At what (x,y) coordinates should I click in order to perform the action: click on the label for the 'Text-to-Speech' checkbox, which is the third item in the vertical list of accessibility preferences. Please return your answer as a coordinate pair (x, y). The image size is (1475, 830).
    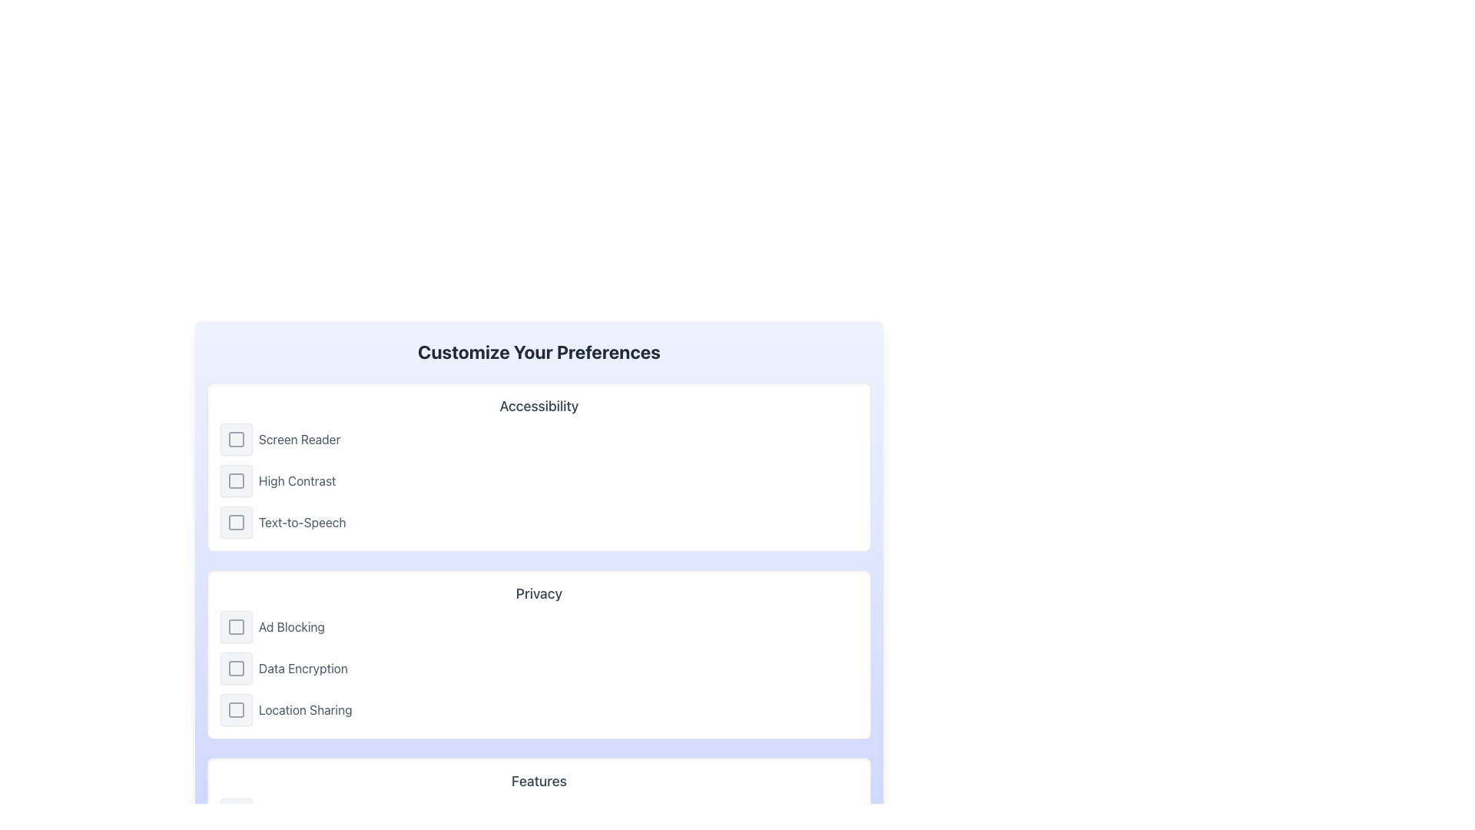
    Looking at the image, I should click on (302, 521).